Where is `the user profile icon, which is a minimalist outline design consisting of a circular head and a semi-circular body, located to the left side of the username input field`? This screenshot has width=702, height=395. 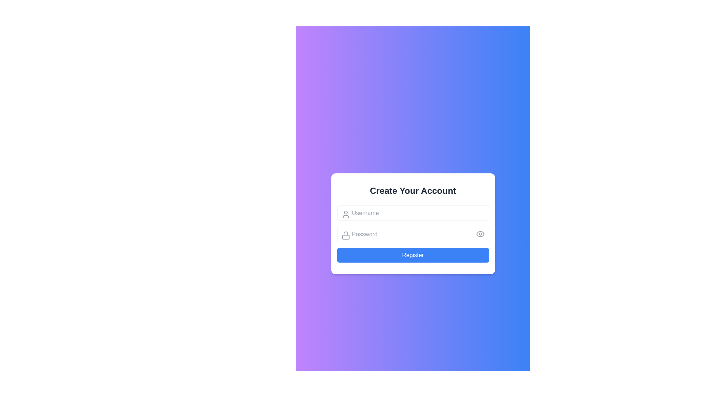 the user profile icon, which is a minimalist outline design consisting of a circular head and a semi-circular body, located to the left side of the username input field is located at coordinates (345, 214).